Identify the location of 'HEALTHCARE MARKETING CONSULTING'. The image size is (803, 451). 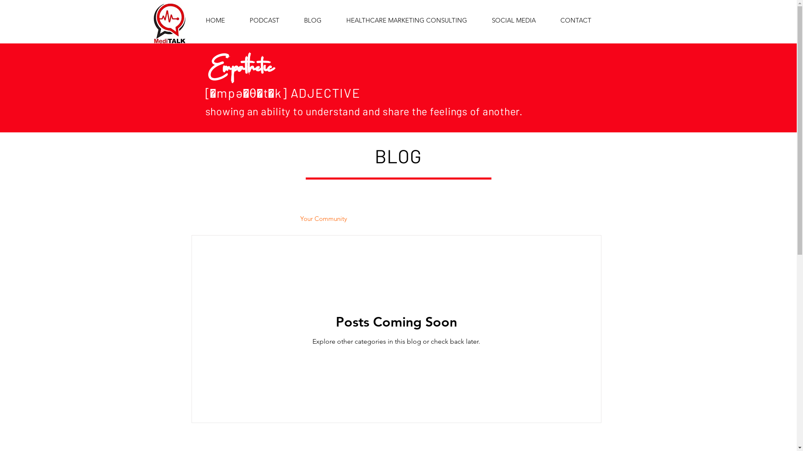
(407, 20).